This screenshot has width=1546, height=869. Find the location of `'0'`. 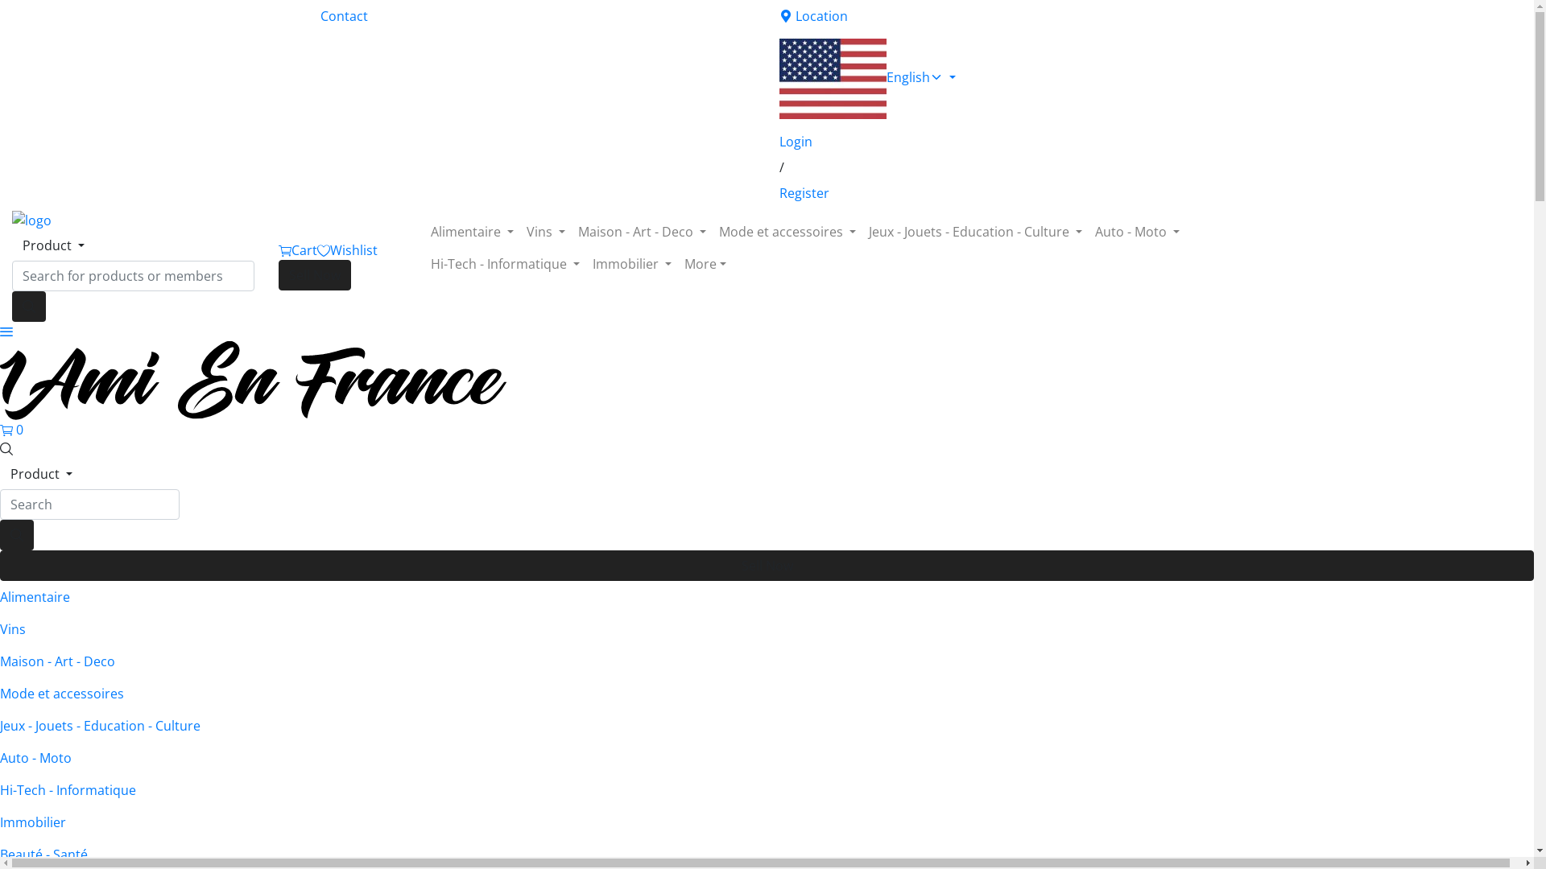

'0' is located at coordinates (11, 428).